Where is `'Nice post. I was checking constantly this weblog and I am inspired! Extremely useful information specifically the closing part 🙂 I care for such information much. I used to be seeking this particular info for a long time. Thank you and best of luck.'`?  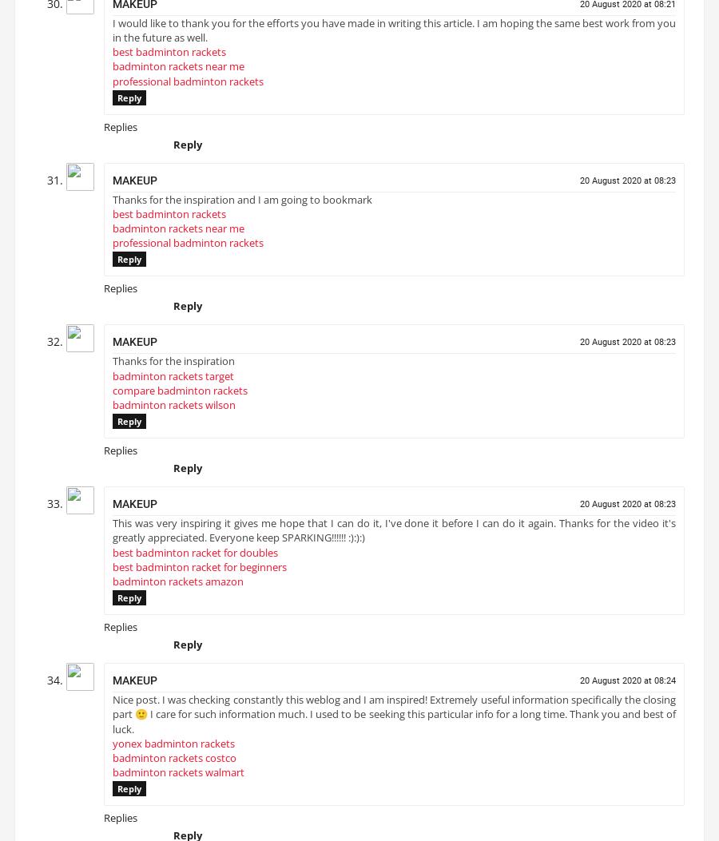 'Nice post. I was checking constantly this weblog and I am inspired! Extremely useful information specifically the closing part 🙂 I care for such information much. I used to be seeking this particular info for a long time. Thank you and best of luck.' is located at coordinates (393, 720).